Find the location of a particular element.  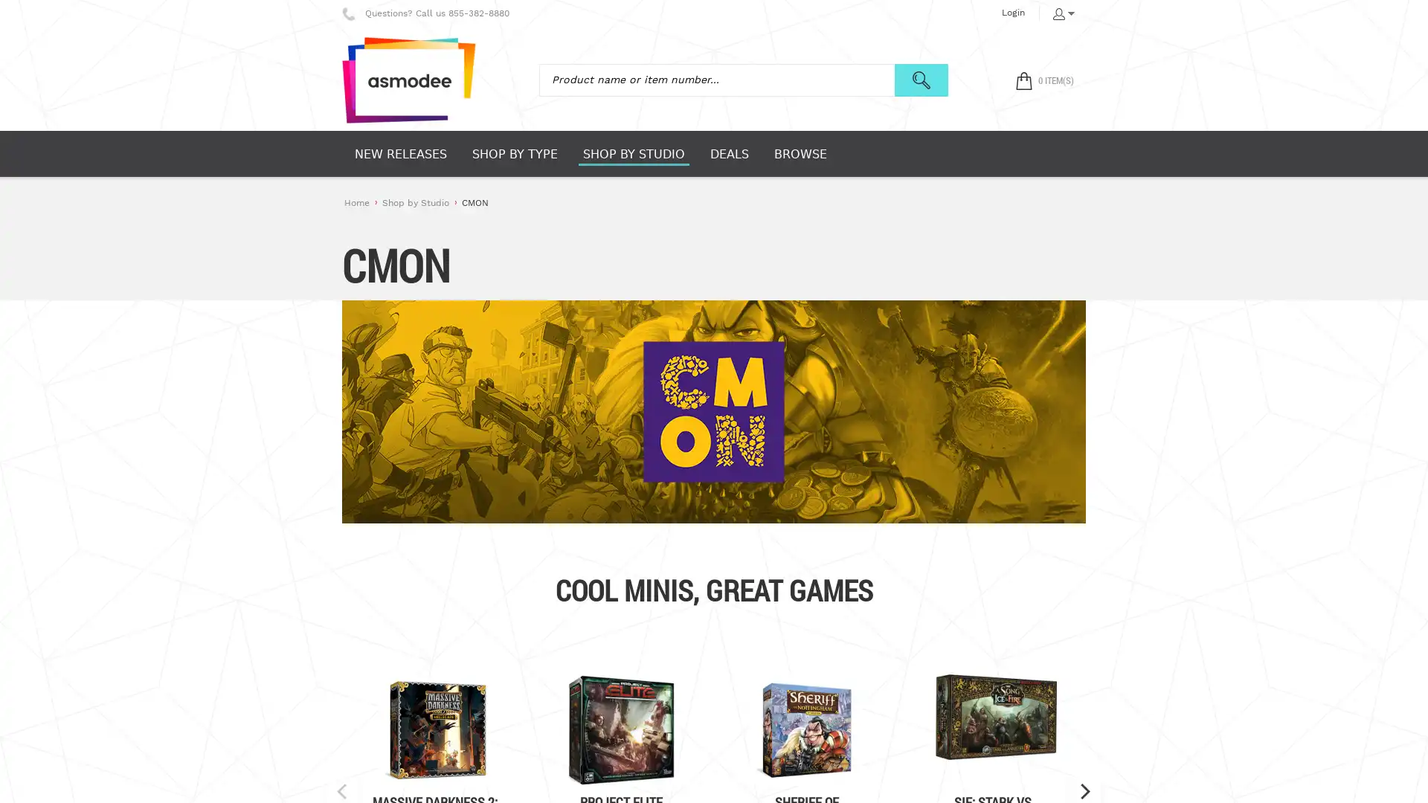

Search products is located at coordinates (920, 80).